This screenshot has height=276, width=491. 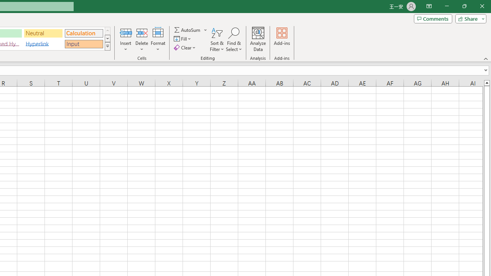 I want to click on 'Ribbon Display Options', so click(x=428, y=6).